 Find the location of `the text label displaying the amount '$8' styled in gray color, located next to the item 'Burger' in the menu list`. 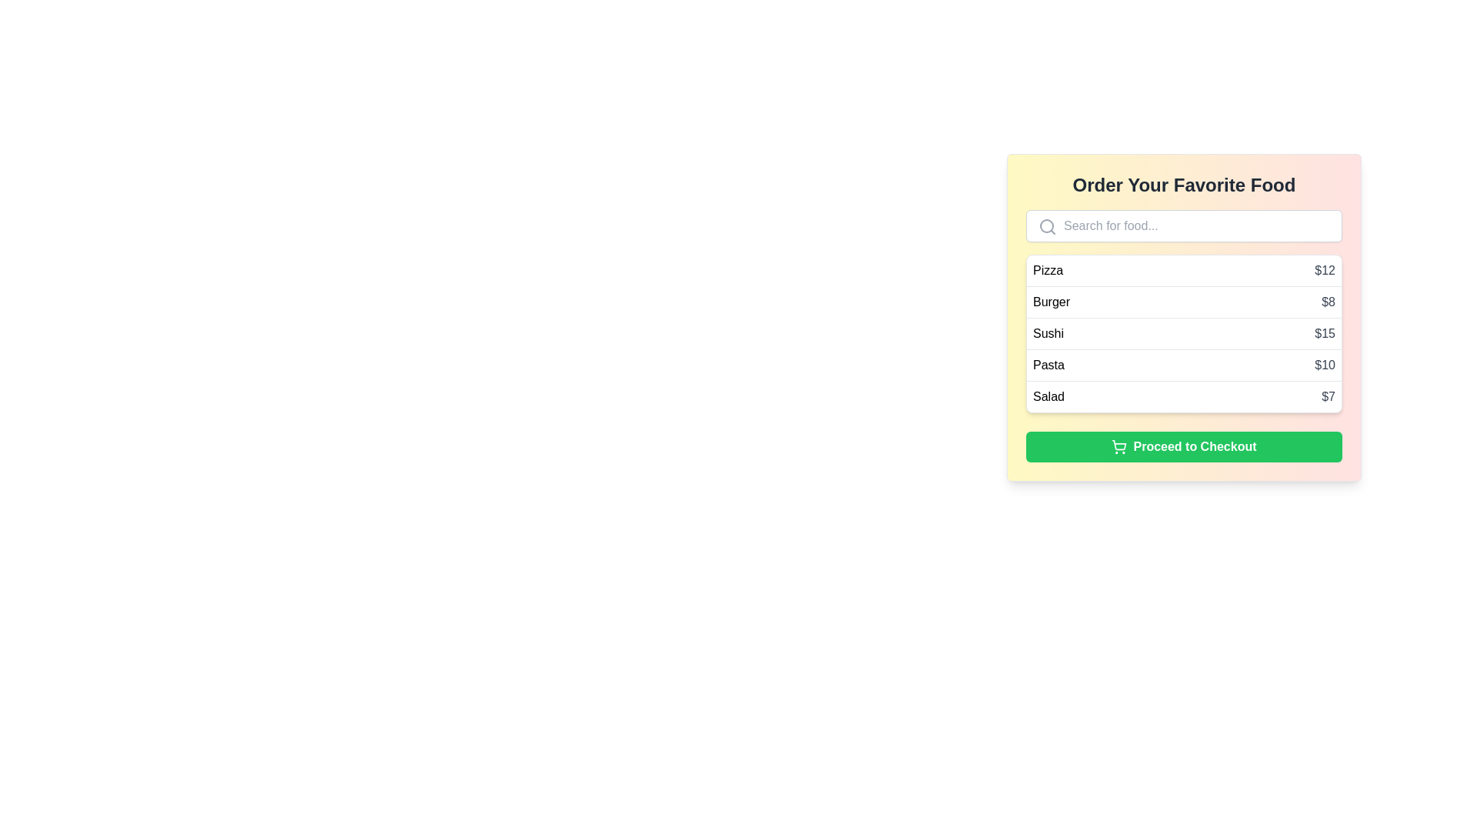

the text label displaying the amount '$8' styled in gray color, located next to the item 'Burger' in the menu list is located at coordinates (1328, 302).